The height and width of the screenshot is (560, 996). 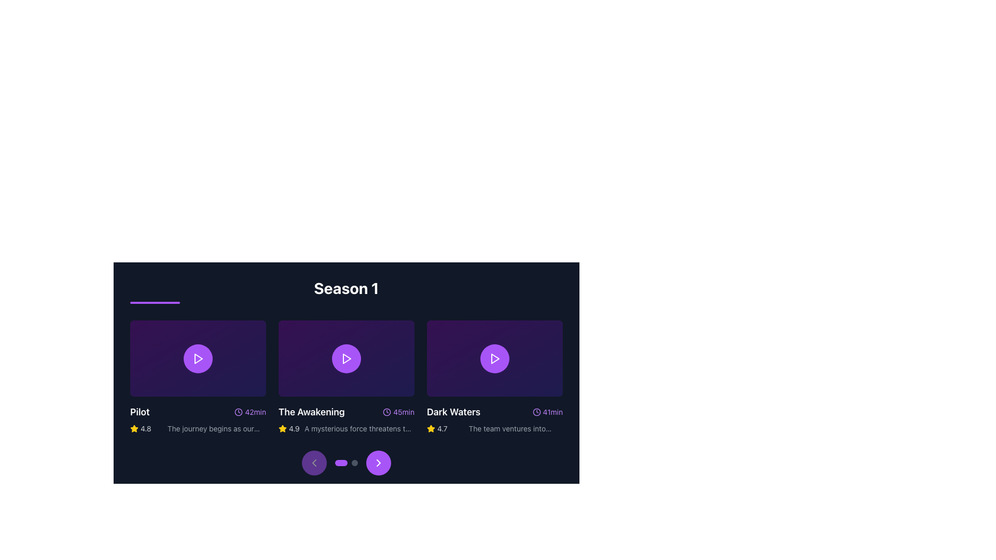 I want to click on displayed rating value of '4.7' in the 'Dark Waters' section, which is a text element styled with a smaller font size and muted gray coloring, located adjacent to a yellow star icon, so click(x=442, y=429).